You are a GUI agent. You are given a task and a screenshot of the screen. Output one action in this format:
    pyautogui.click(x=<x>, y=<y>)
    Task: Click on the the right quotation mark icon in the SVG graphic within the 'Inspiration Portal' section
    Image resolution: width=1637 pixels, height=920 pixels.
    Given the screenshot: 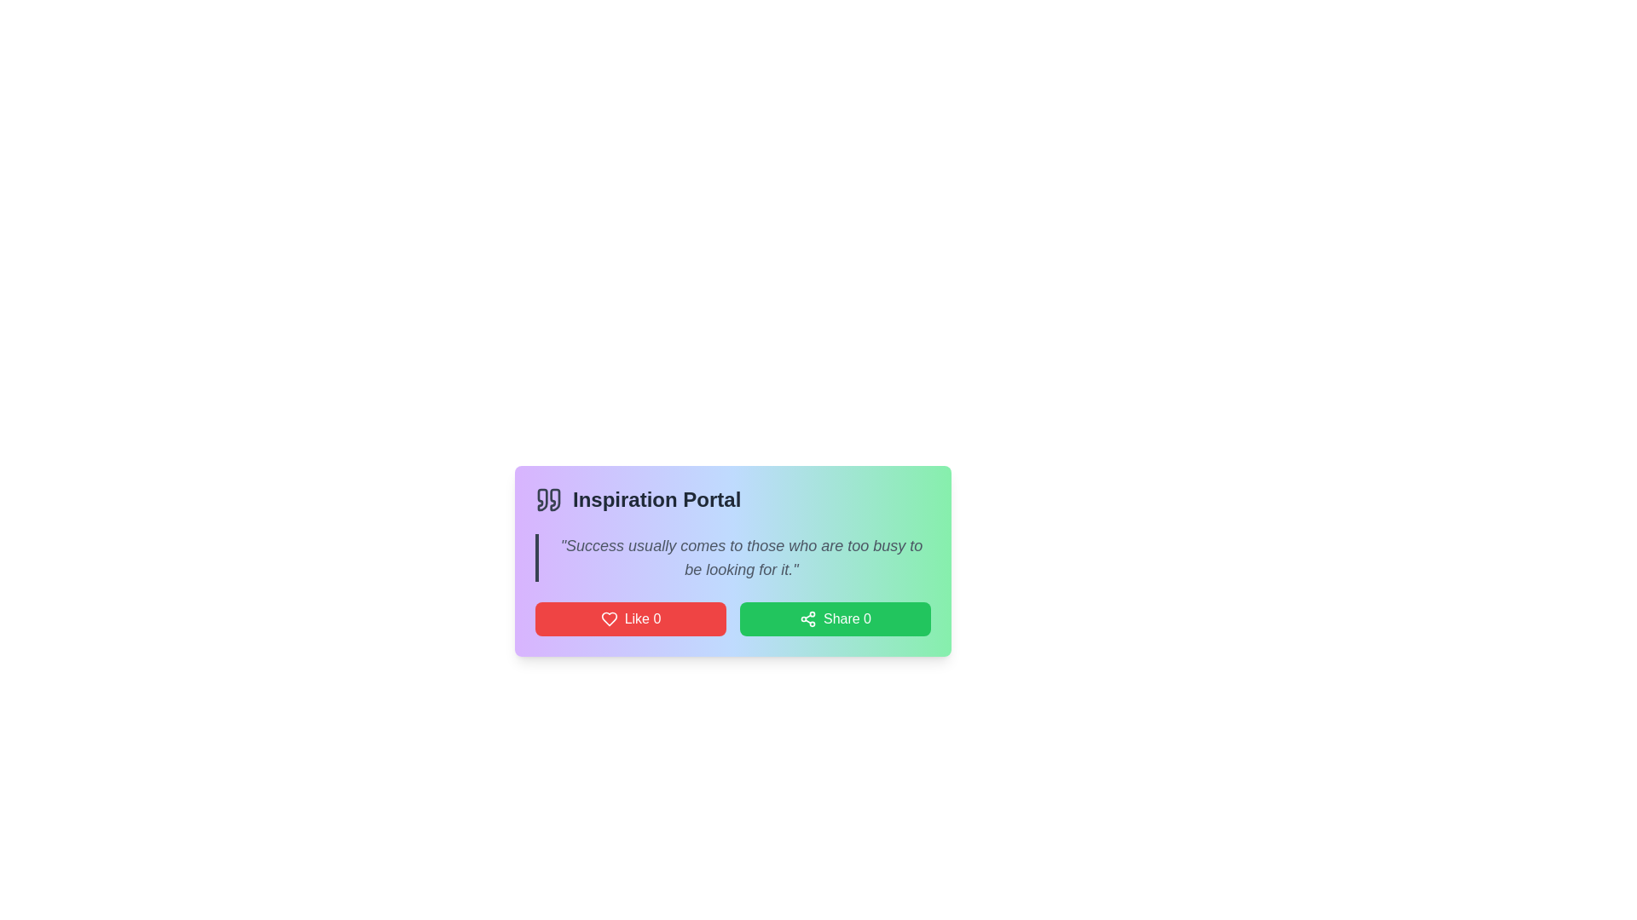 What is the action you would take?
    pyautogui.click(x=555, y=498)
    